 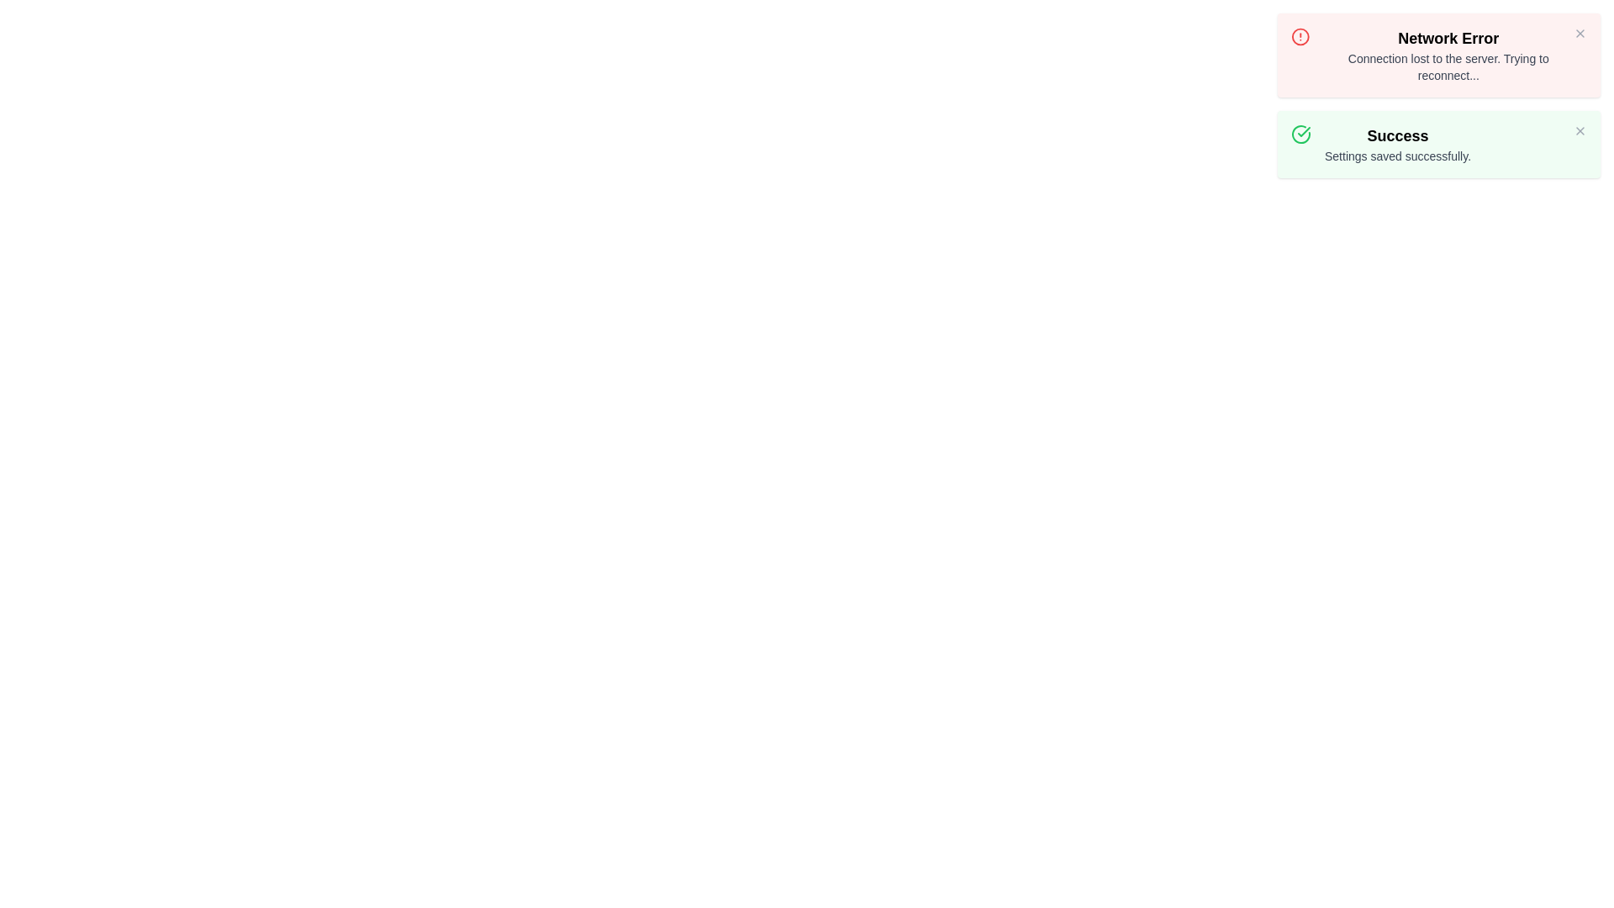 What do you see at coordinates (1300, 36) in the screenshot?
I see `the decorative circle element that is part of the alert icon for the 'Network Error' message, located at the top-right side of the interface` at bounding box center [1300, 36].